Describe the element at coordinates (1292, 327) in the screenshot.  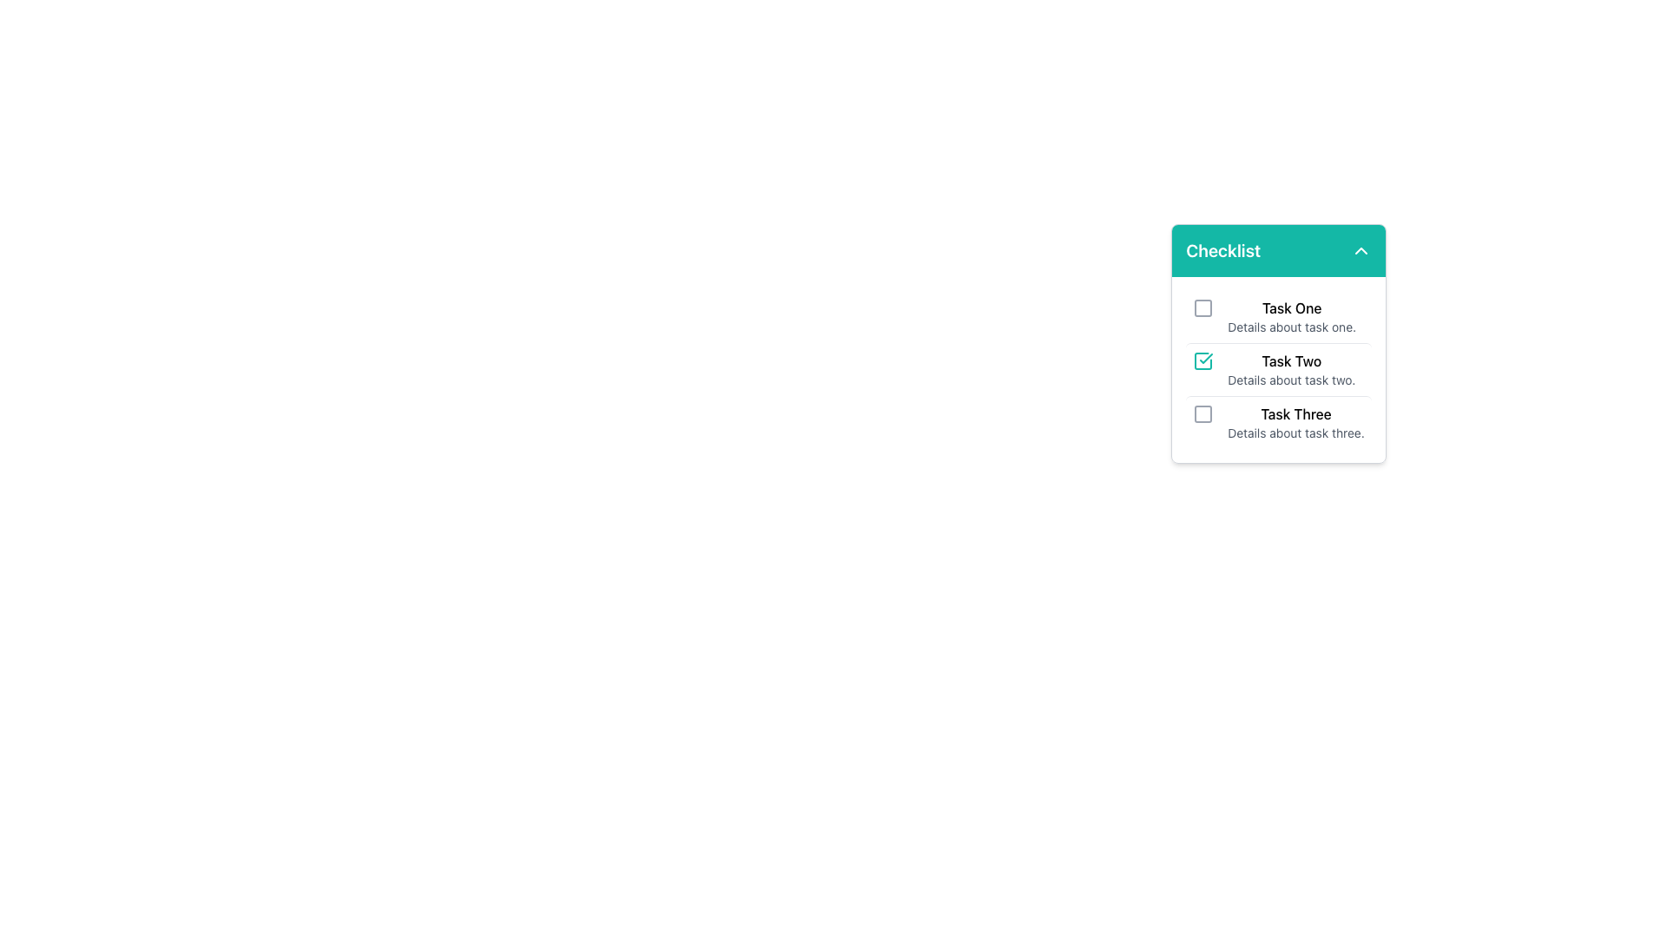
I see `static text displaying 'Details about task one.' which is styled in gray and positioned below the label 'Task One'` at that location.